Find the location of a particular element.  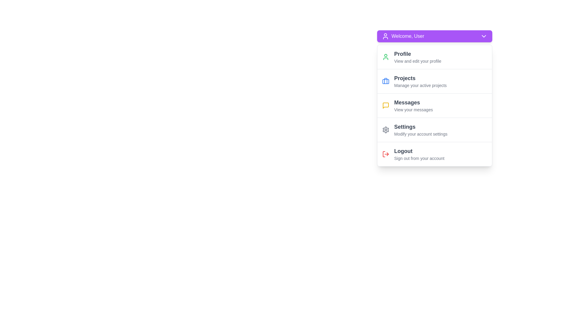

an option from the dropdown menu located below the purple header labeled 'Welcome, User' is located at coordinates (435, 105).